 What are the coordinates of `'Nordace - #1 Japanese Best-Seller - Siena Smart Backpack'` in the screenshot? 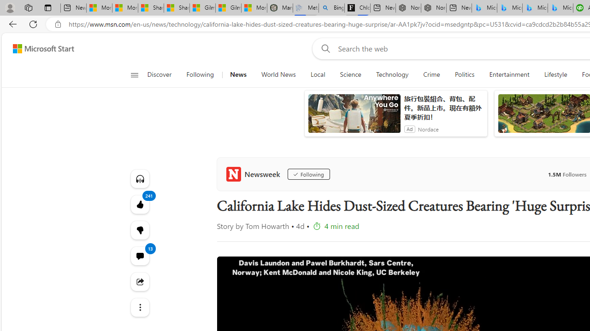 It's located at (433, 8).